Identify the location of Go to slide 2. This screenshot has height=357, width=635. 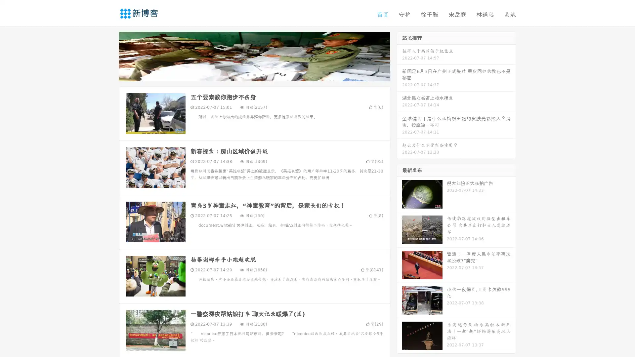
(254, 74).